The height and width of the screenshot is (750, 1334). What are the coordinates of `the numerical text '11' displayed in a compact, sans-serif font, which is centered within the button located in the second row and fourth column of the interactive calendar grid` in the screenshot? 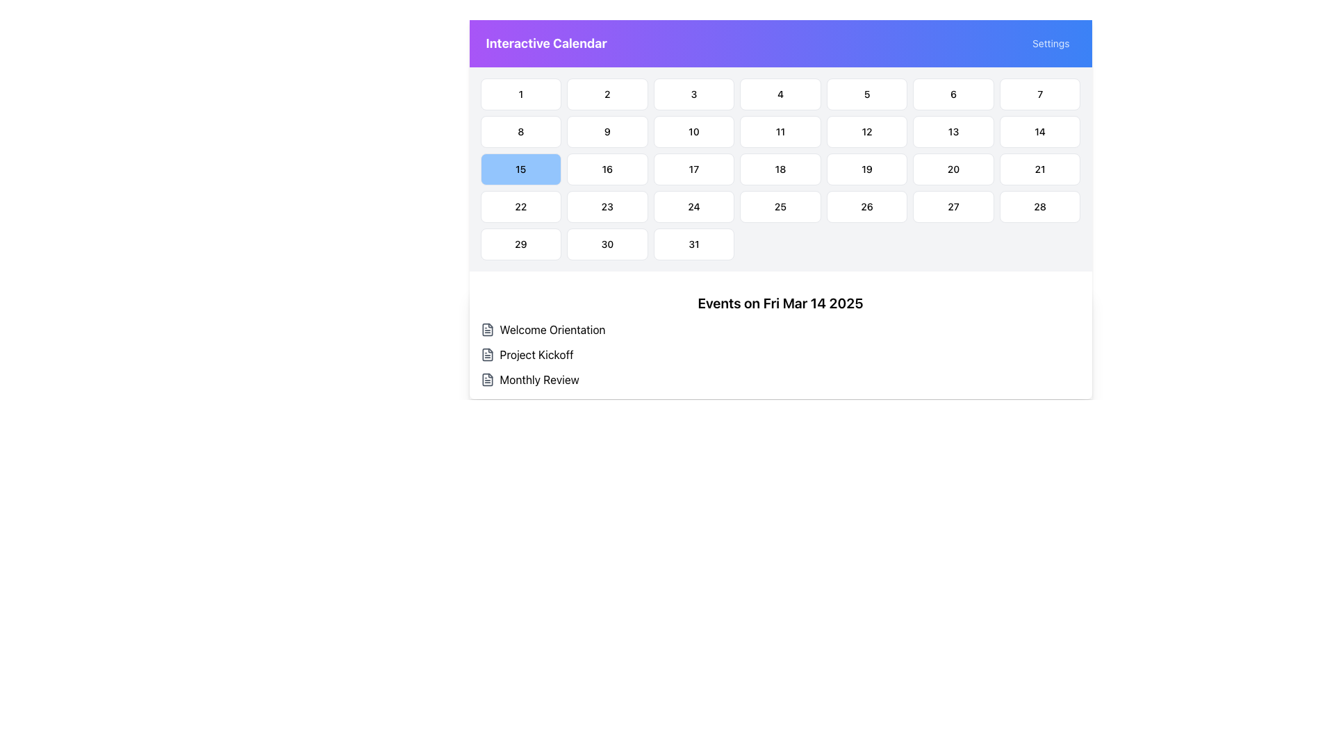 It's located at (780, 131).